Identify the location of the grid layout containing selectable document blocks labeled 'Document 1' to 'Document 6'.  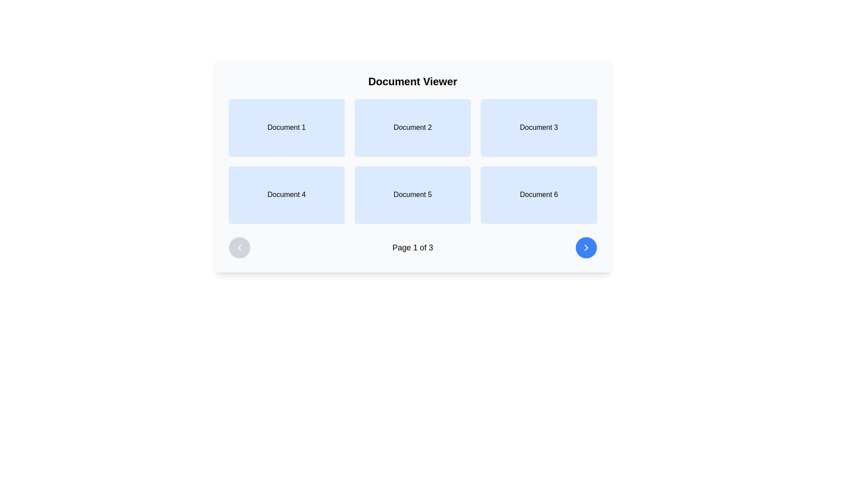
(412, 167).